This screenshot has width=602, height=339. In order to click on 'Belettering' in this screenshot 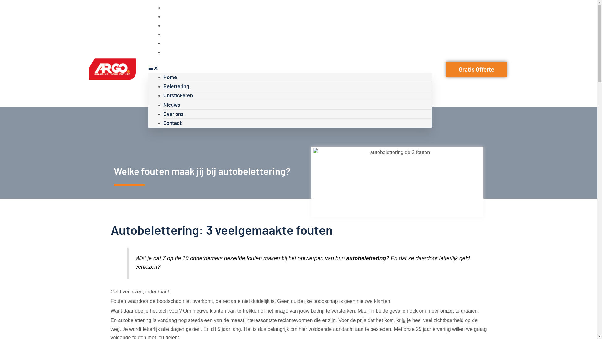, I will do `click(176, 86)`.